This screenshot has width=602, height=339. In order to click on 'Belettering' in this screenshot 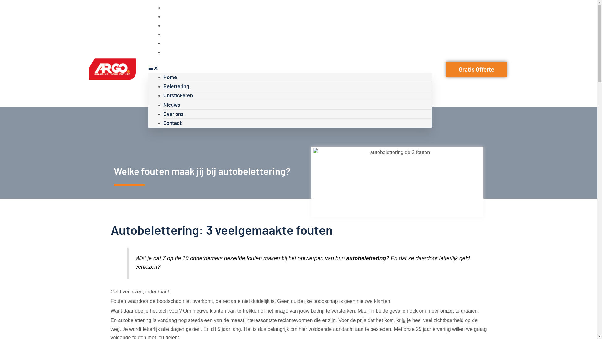, I will do `click(176, 86)`.